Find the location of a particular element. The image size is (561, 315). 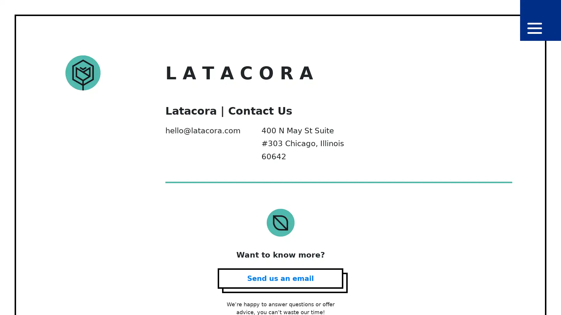

Send us an email is located at coordinates (280, 278).